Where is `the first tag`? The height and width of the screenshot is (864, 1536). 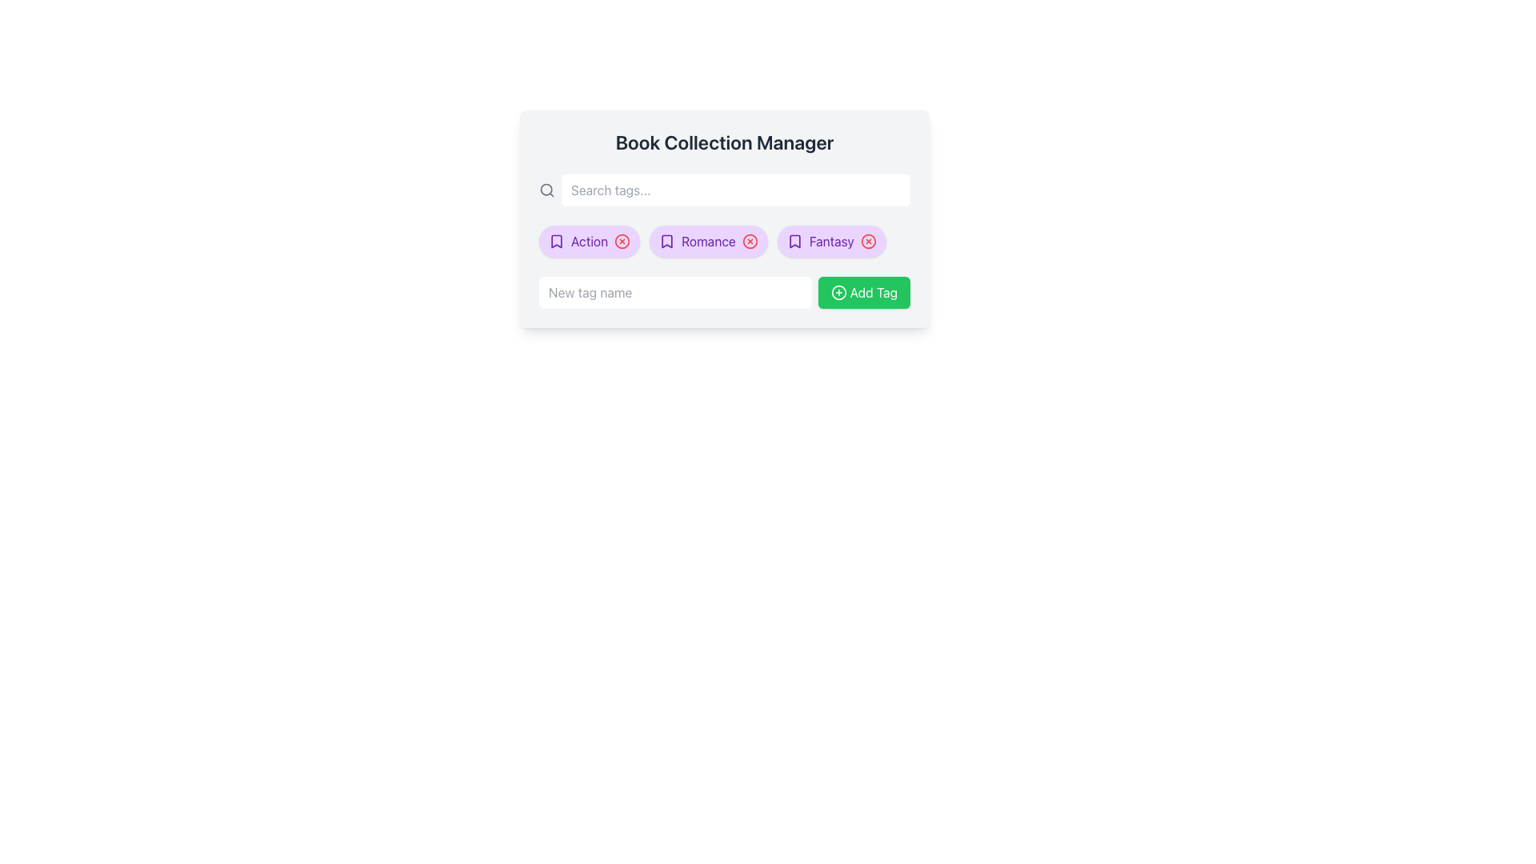
the first tag is located at coordinates (589, 241).